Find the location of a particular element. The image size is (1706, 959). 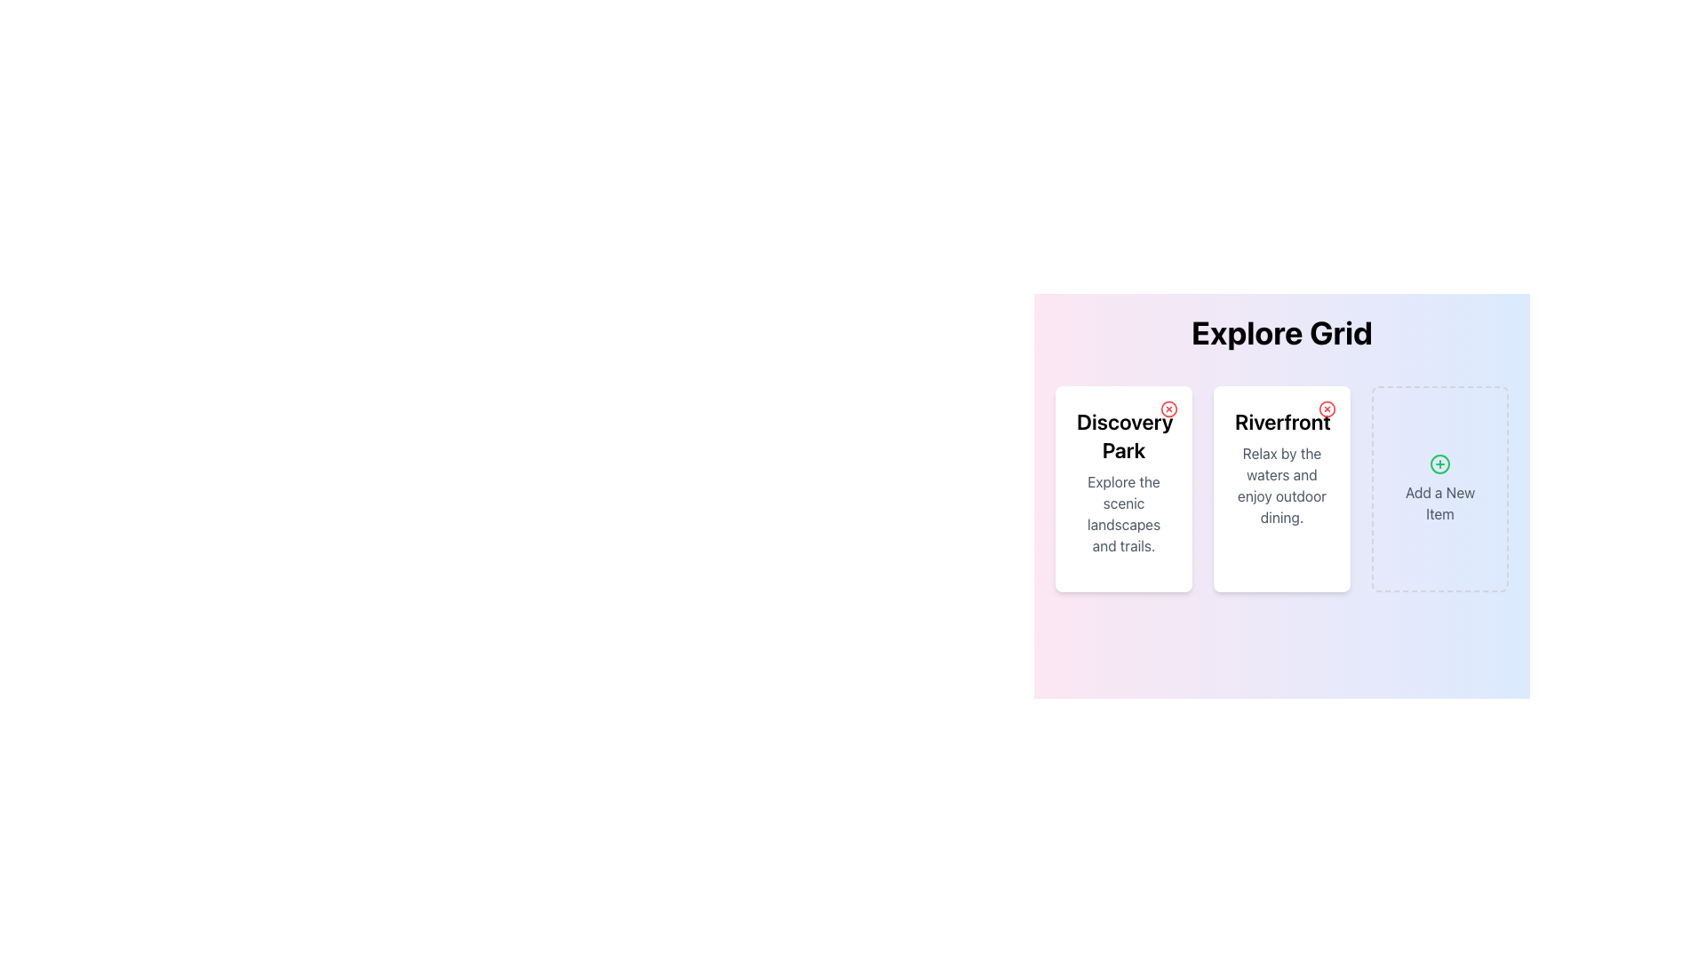

the circular outline within the plus sign icon, which is located inside the third card of the grid layout representing 'Add a New Item' functionality is located at coordinates (1440, 464).